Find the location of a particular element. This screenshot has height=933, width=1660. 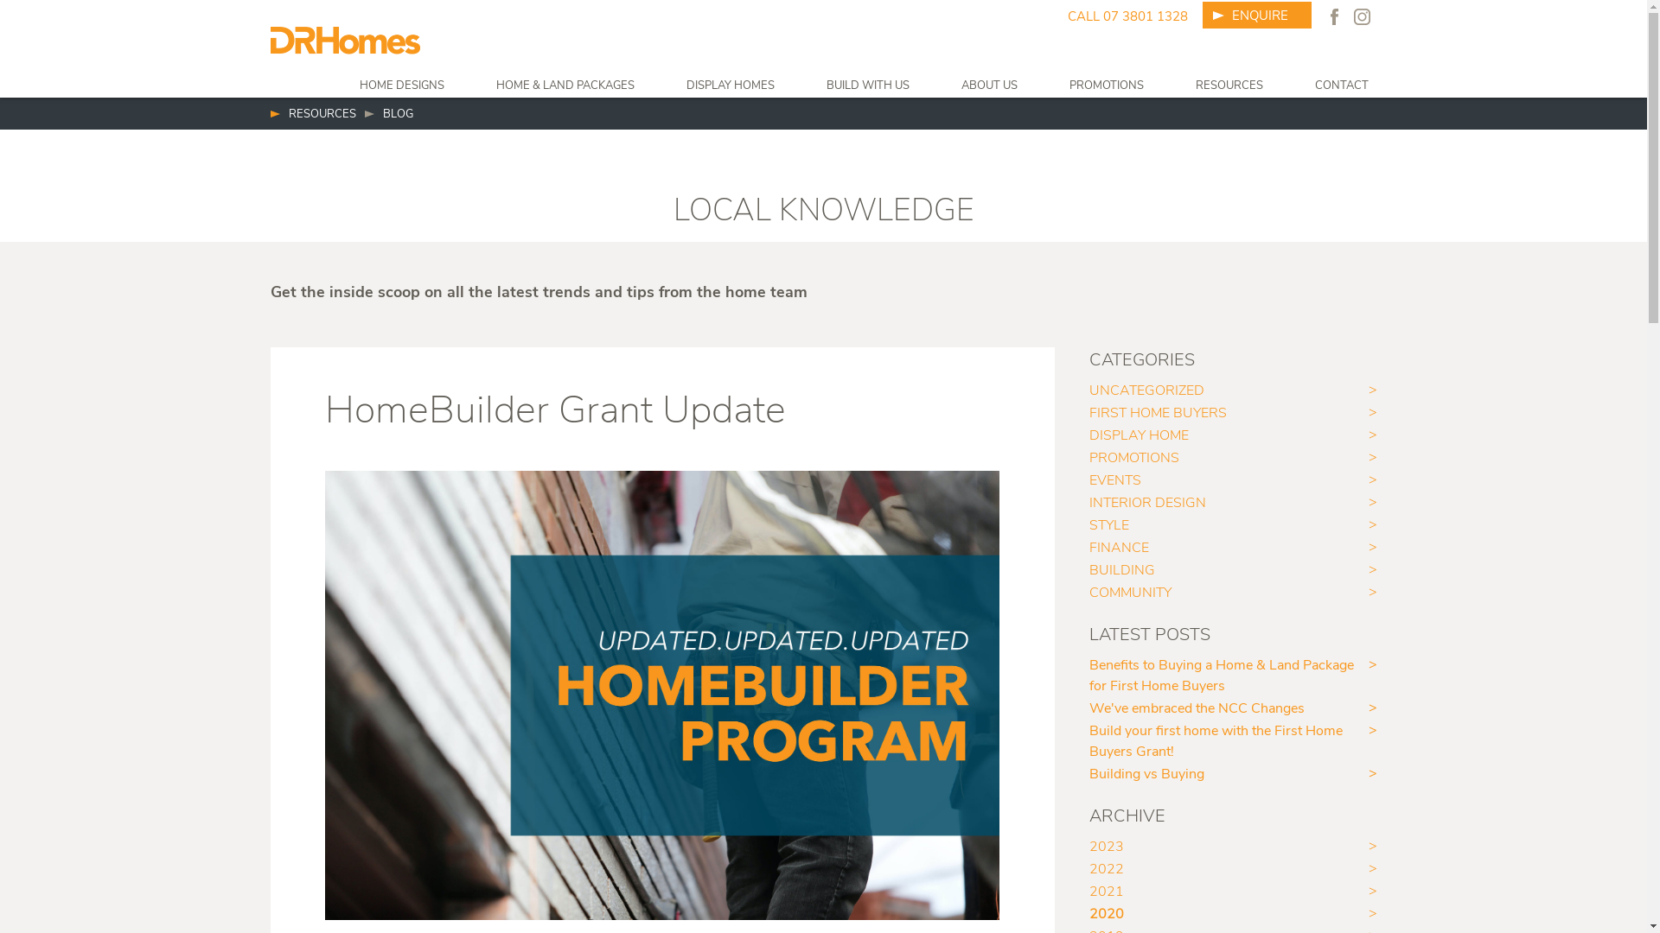

'RESOURCES' is located at coordinates (312, 114).